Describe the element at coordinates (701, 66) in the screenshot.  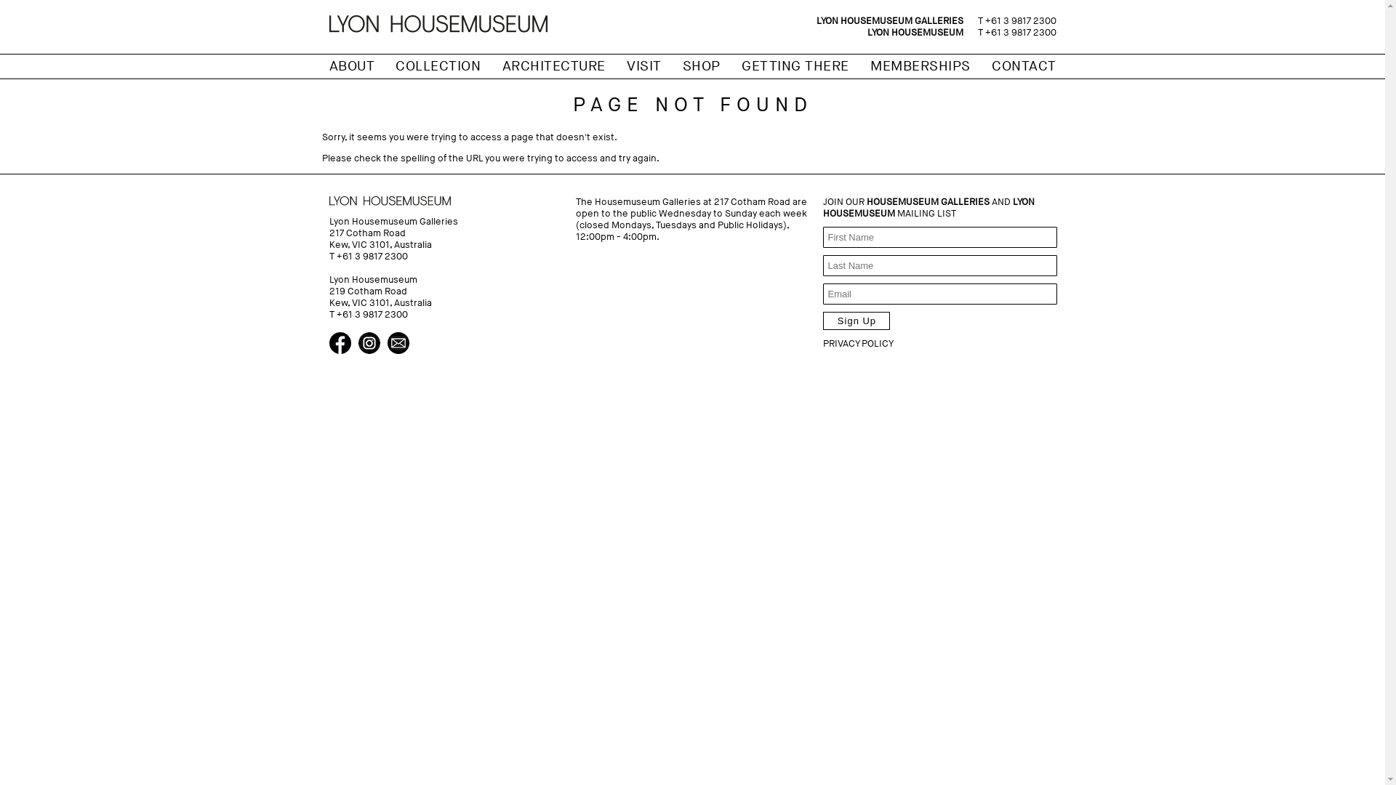
I see `'SHOP'` at that location.